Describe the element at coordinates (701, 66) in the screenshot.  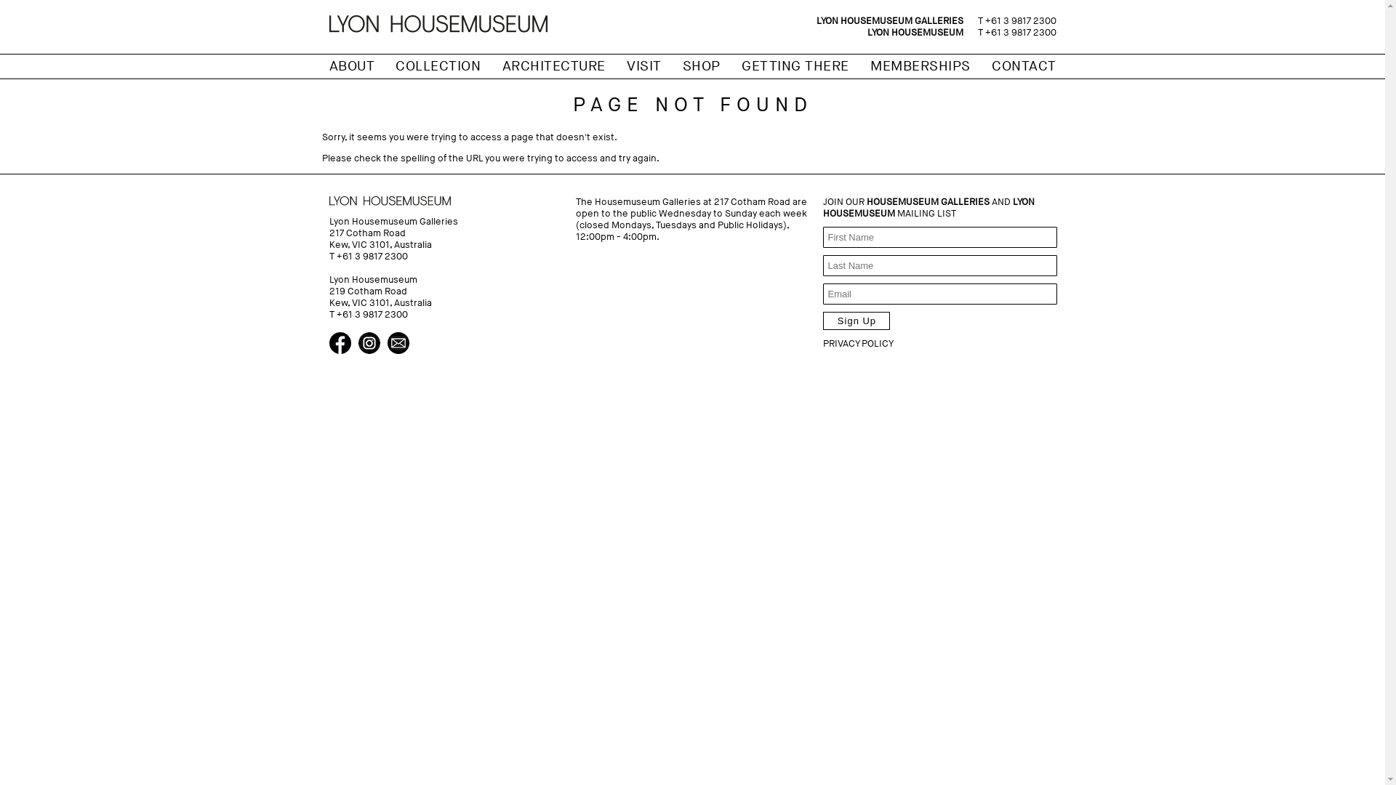
I see `'SHOP'` at that location.